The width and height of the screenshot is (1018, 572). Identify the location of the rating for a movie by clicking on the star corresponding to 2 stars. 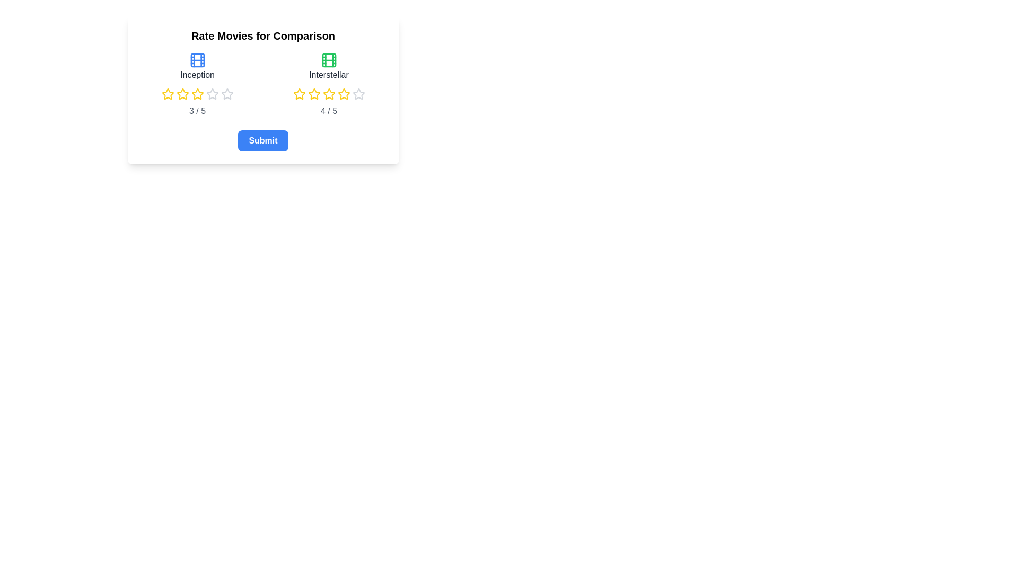
(176, 93).